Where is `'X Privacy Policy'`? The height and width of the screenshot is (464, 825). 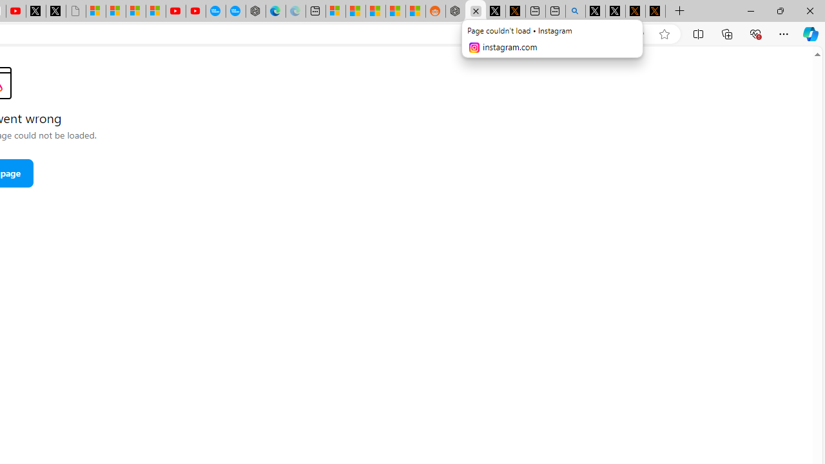 'X Privacy Policy' is located at coordinates (655, 11).